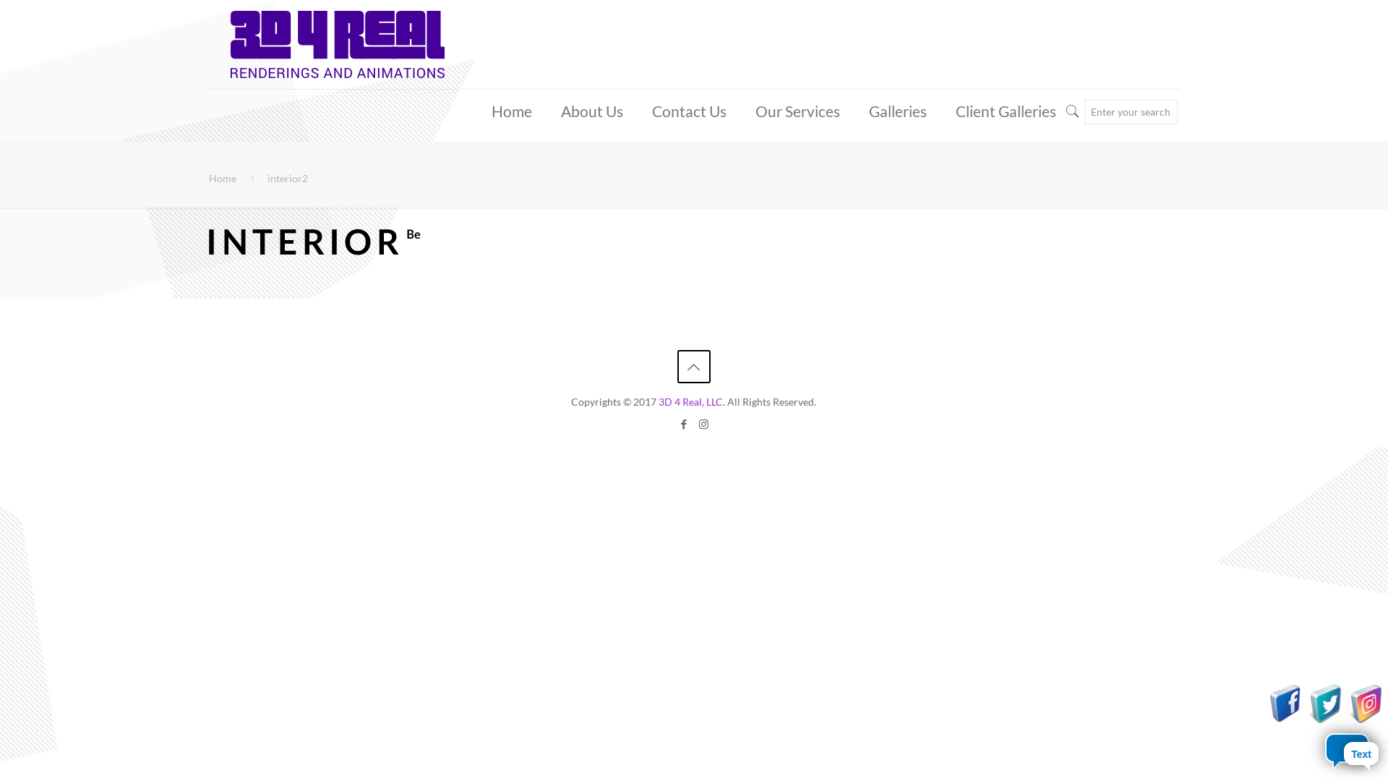 This screenshot has width=1388, height=781. Describe the element at coordinates (592, 111) in the screenshot. I see `'About Us'` at that location.